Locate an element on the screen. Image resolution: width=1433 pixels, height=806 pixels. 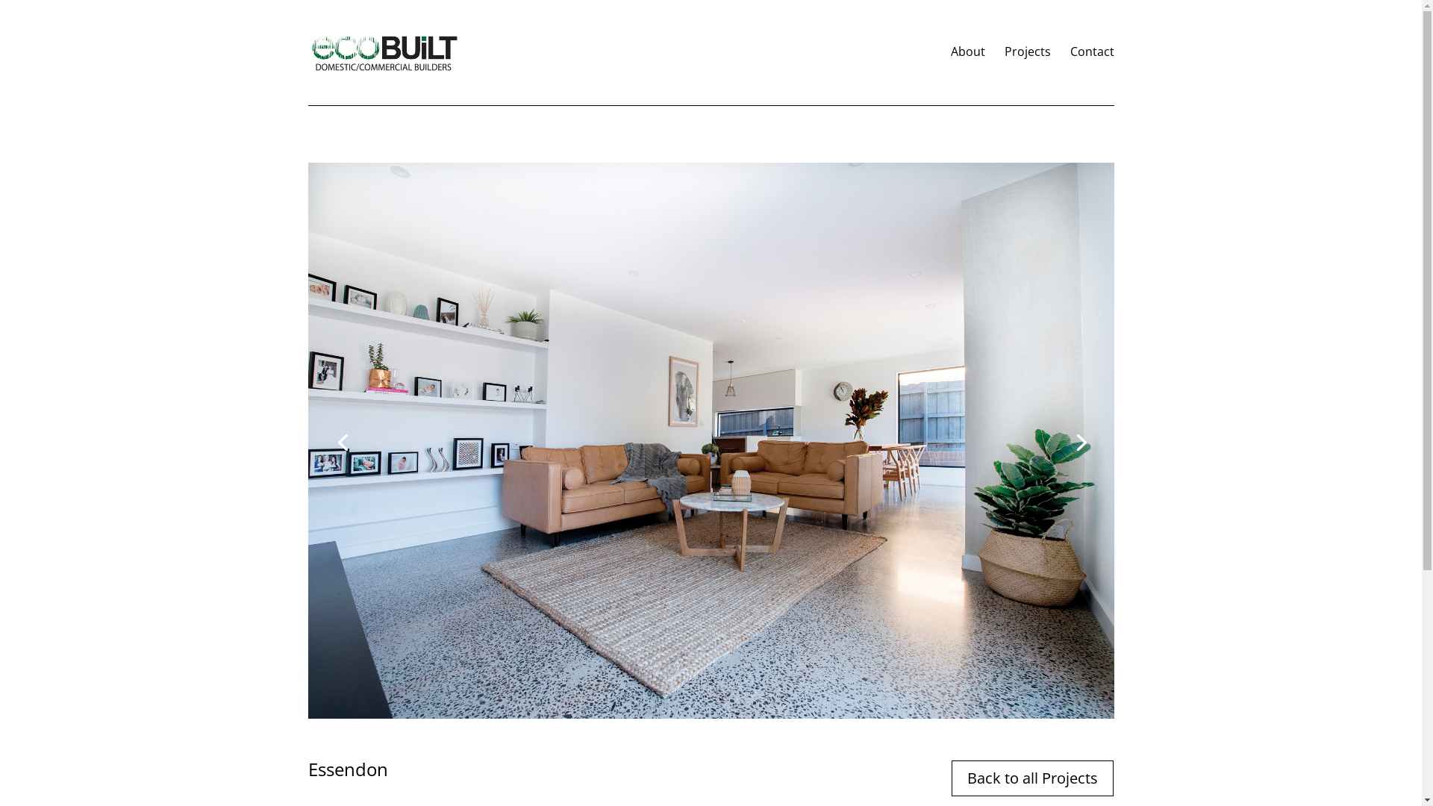
'Contact' is located at coordinates (1092, 75).